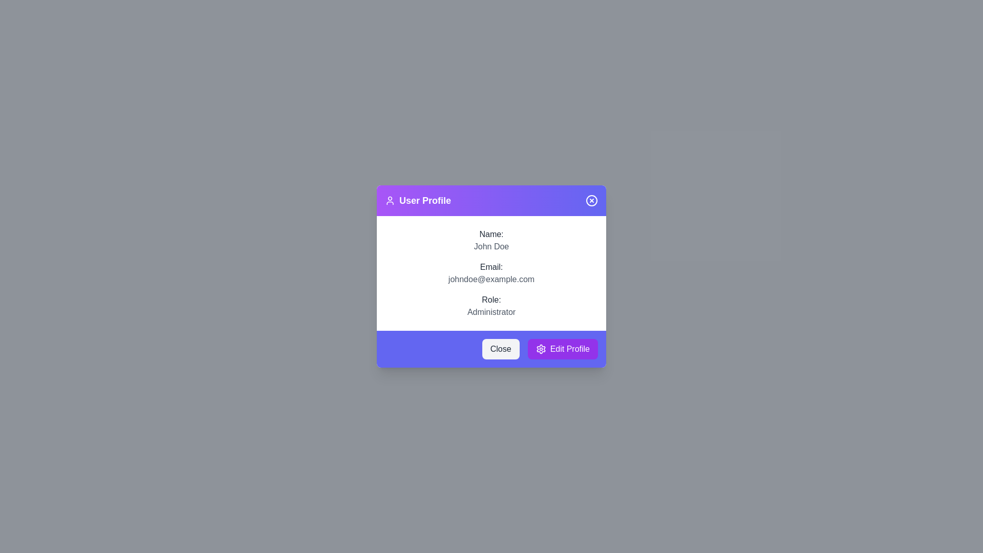 This screenshot has height=553, width=983. I want to click on the static text label indicating the user's role, which is located above the text 'Administrator' in the user information dialog window, so click(491, 300).